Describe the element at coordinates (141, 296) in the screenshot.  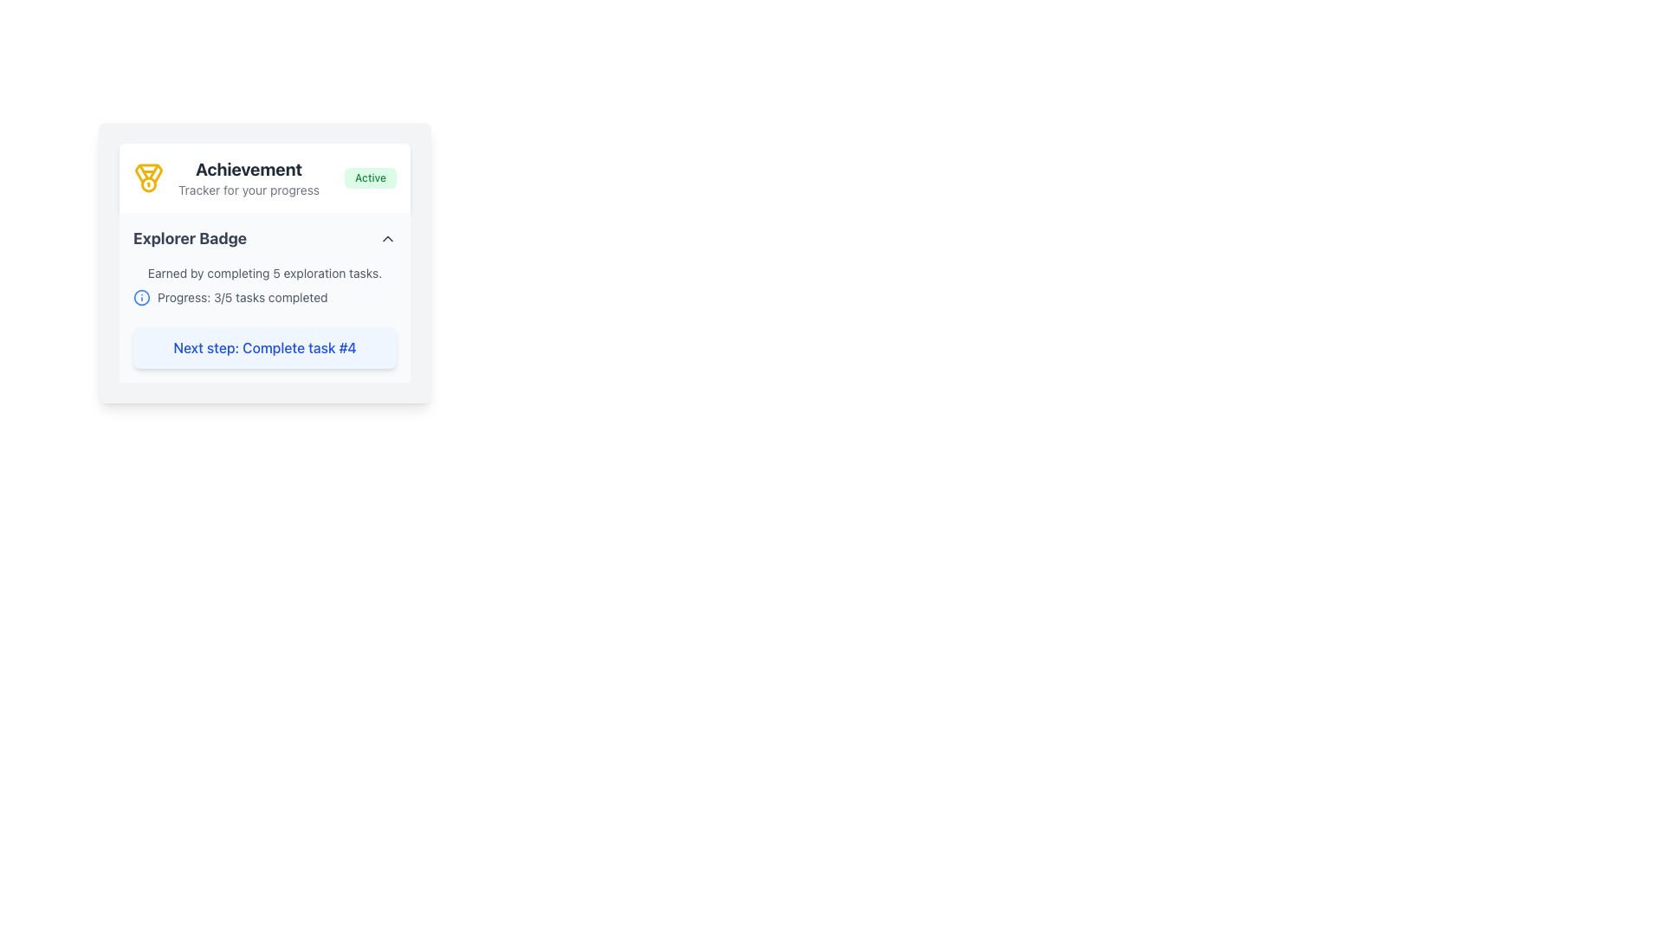
I see `the information icon located at the leftmost side of the text 'Progress: 3/5 tasks completed'` at that location.